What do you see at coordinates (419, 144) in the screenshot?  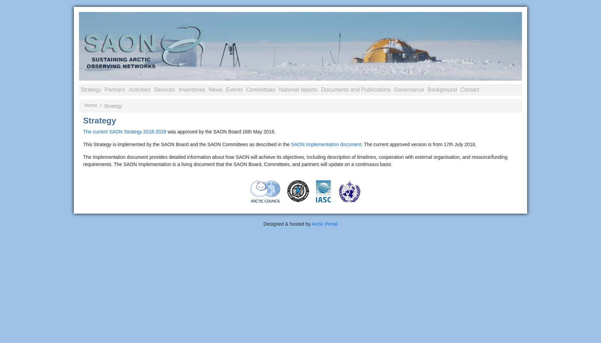 I see `'. The current approved version is from 17th July 2018.'` at bounding box center [419, 144].